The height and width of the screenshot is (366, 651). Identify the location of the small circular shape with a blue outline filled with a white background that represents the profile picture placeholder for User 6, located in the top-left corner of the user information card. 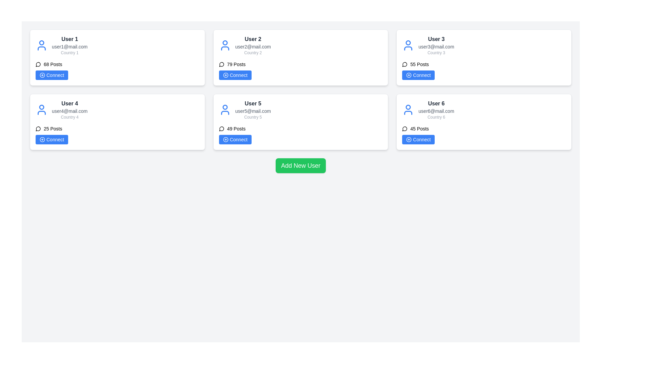
(408, 107).